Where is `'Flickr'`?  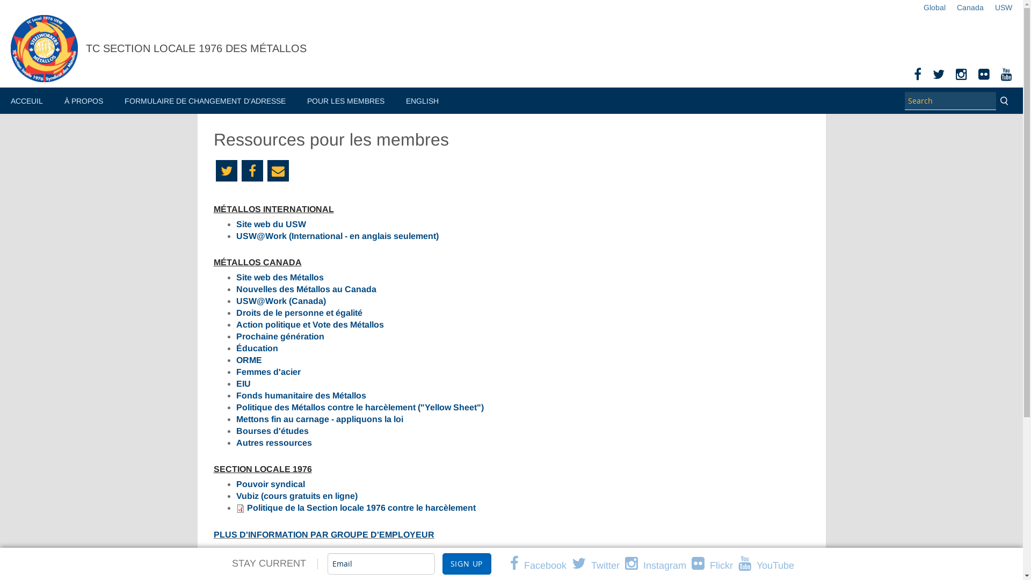 'Flickr' is located at coordinates (715, 565).